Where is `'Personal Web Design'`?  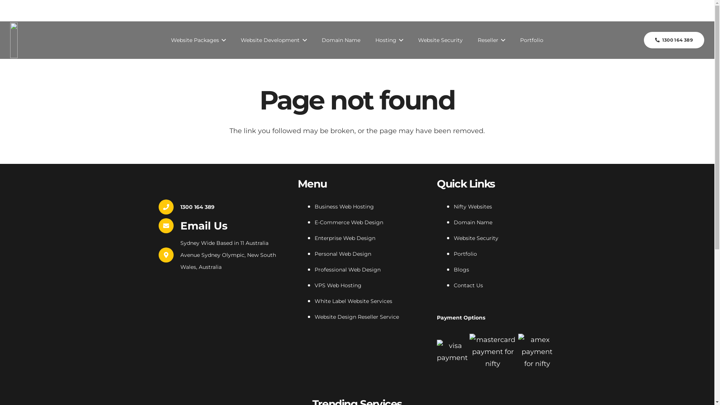
'Personal Web Design' is located at coordinates (315, 253).